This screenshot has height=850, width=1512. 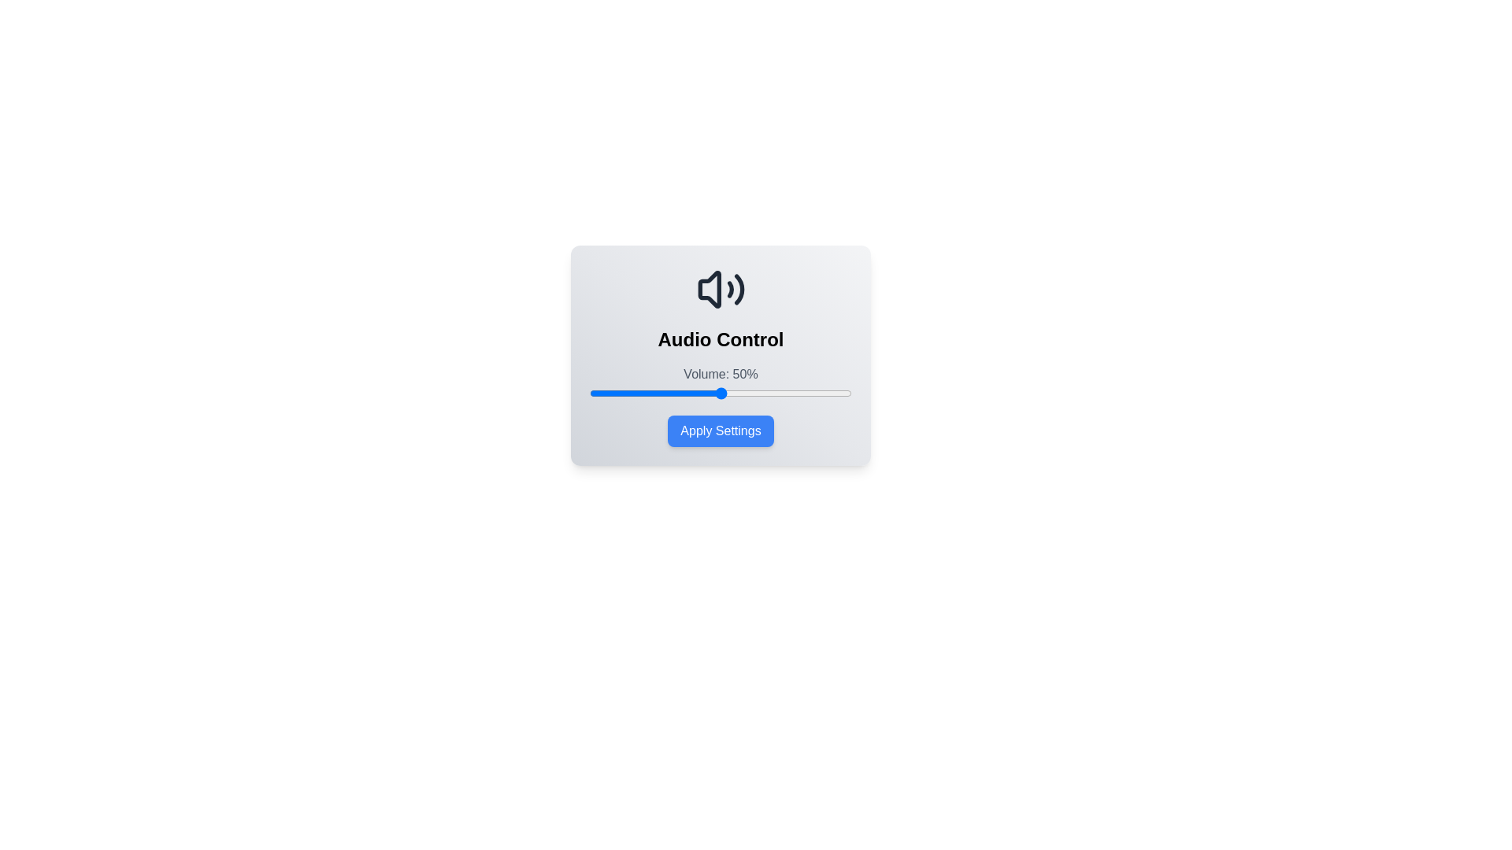 I want to click on the slider, so click(x=789, y=393).